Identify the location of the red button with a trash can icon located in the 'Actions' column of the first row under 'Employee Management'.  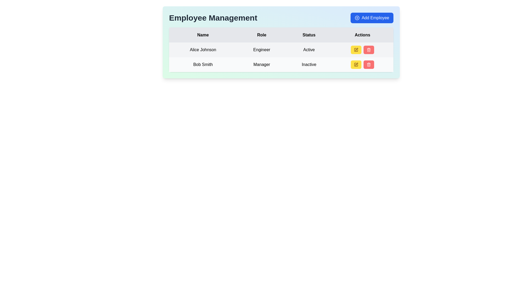
(368, 50).